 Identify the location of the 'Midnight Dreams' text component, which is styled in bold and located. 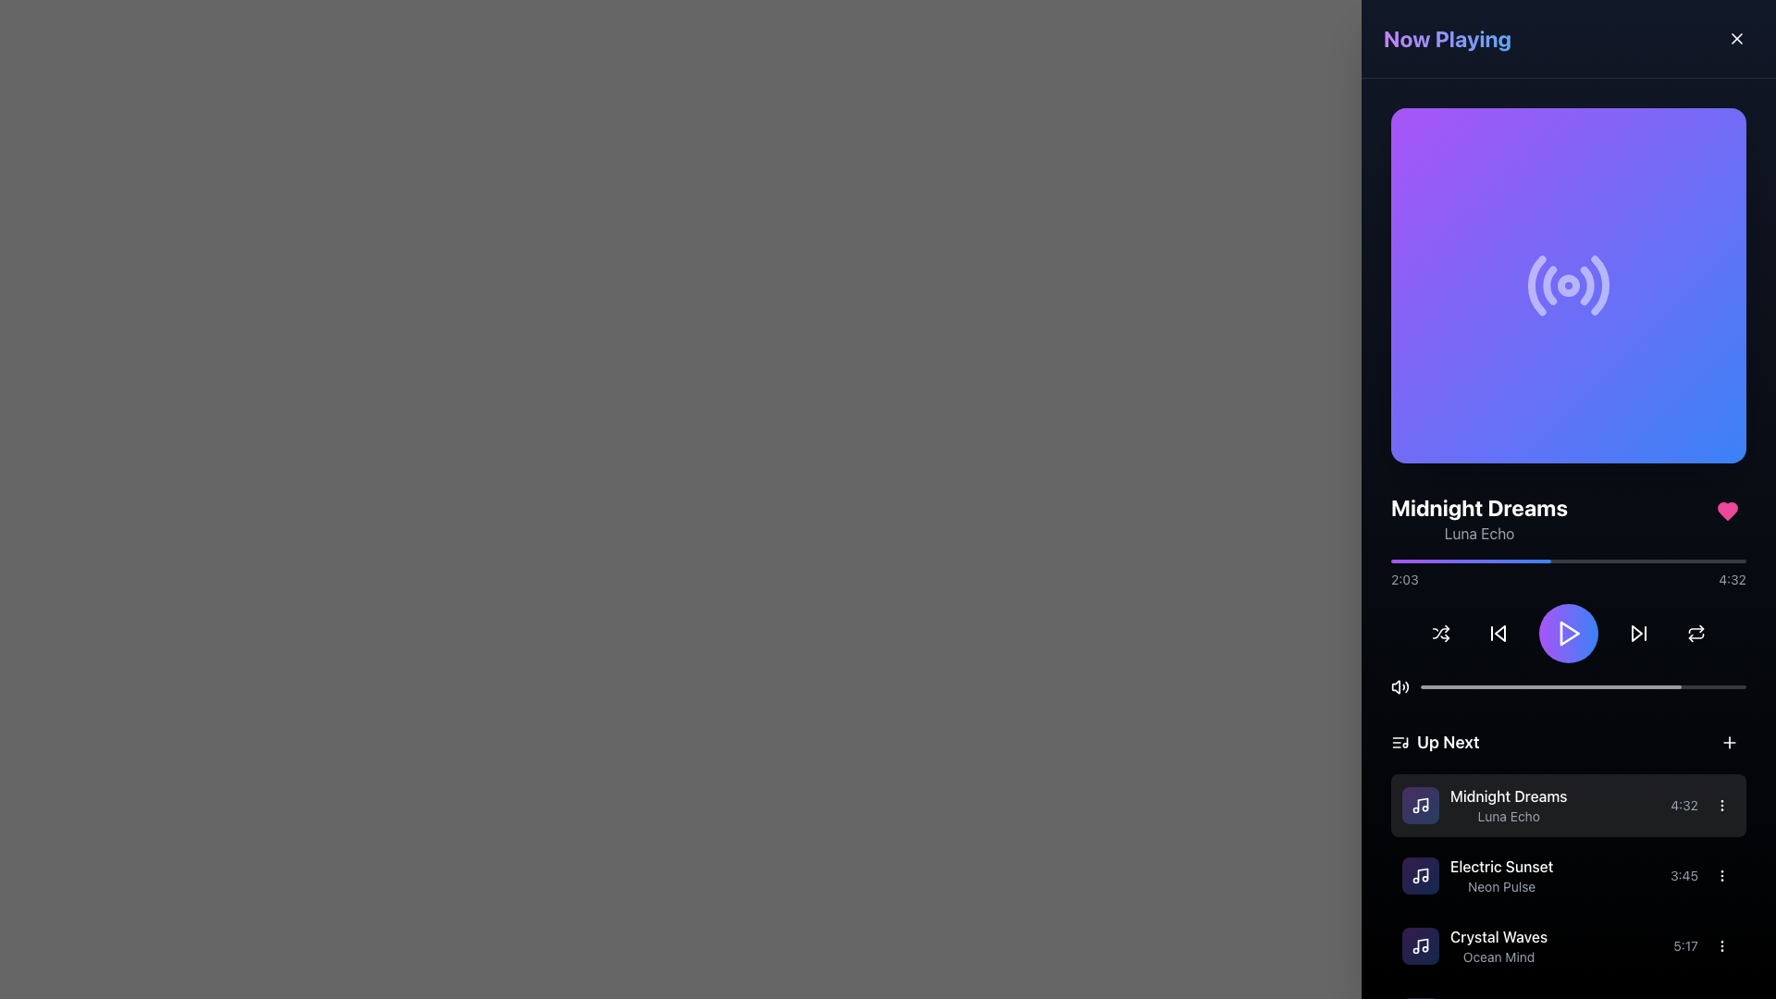
(1485, 805).